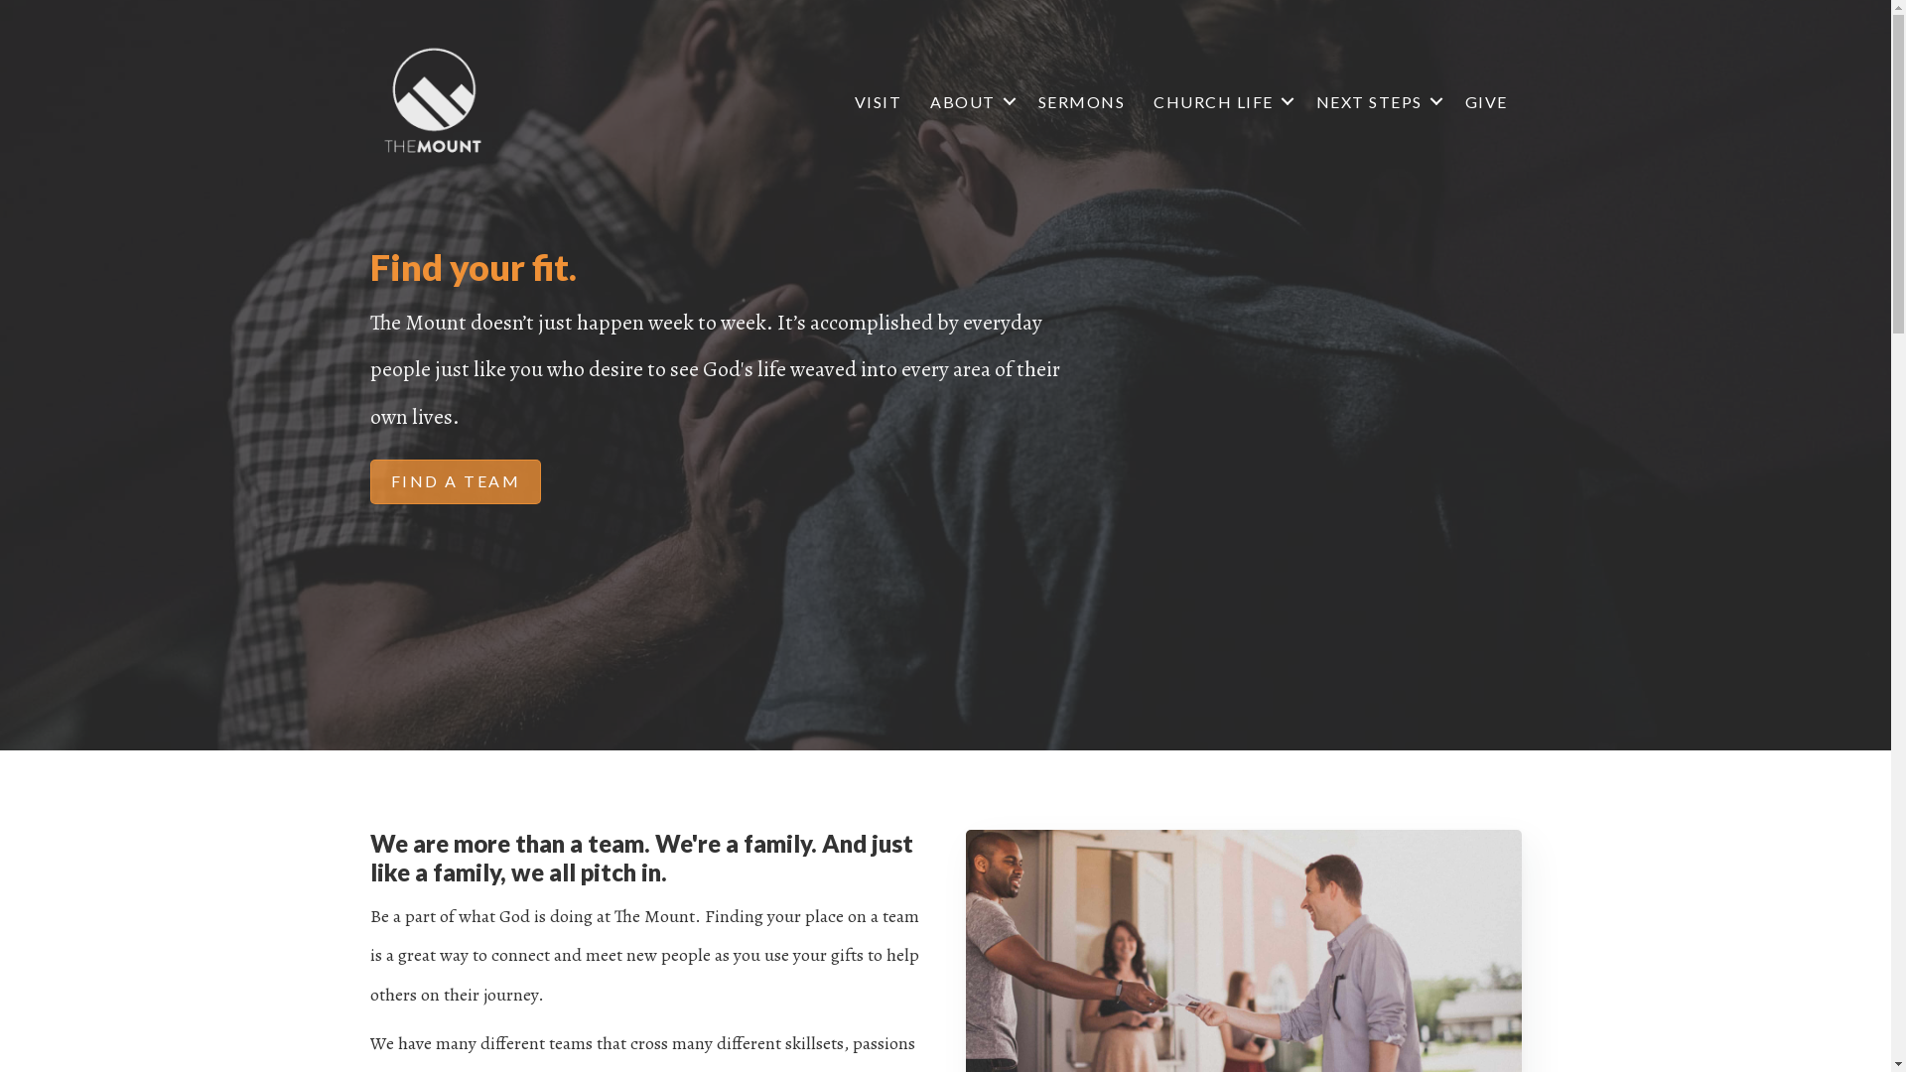  I want to click on 'VISIT', so click(877, 101).